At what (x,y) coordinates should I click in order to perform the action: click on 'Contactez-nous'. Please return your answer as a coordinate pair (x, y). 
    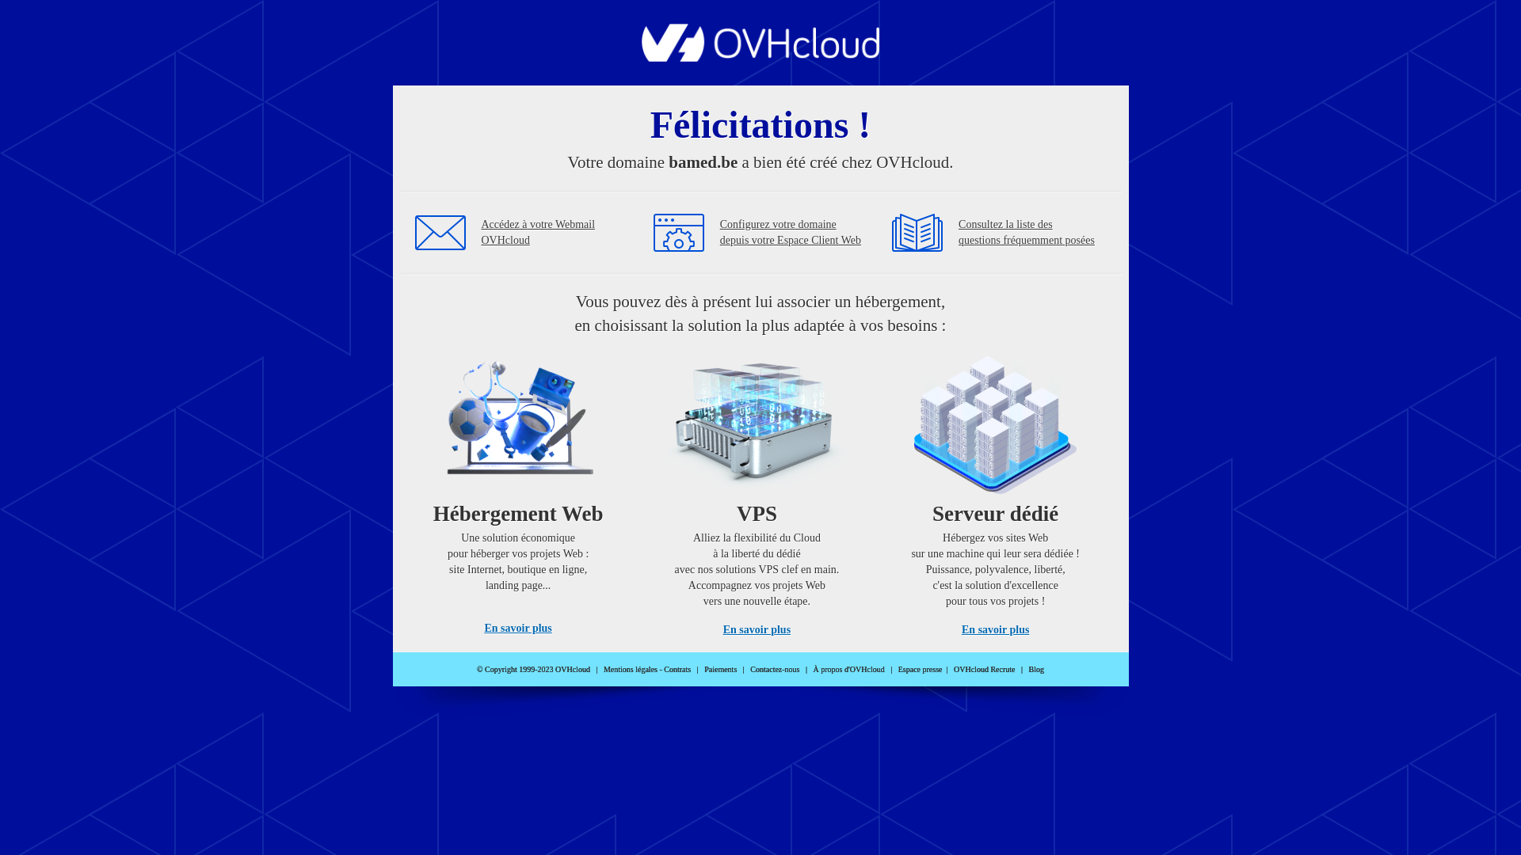
    Looking at the image, I should click on (749, 669).